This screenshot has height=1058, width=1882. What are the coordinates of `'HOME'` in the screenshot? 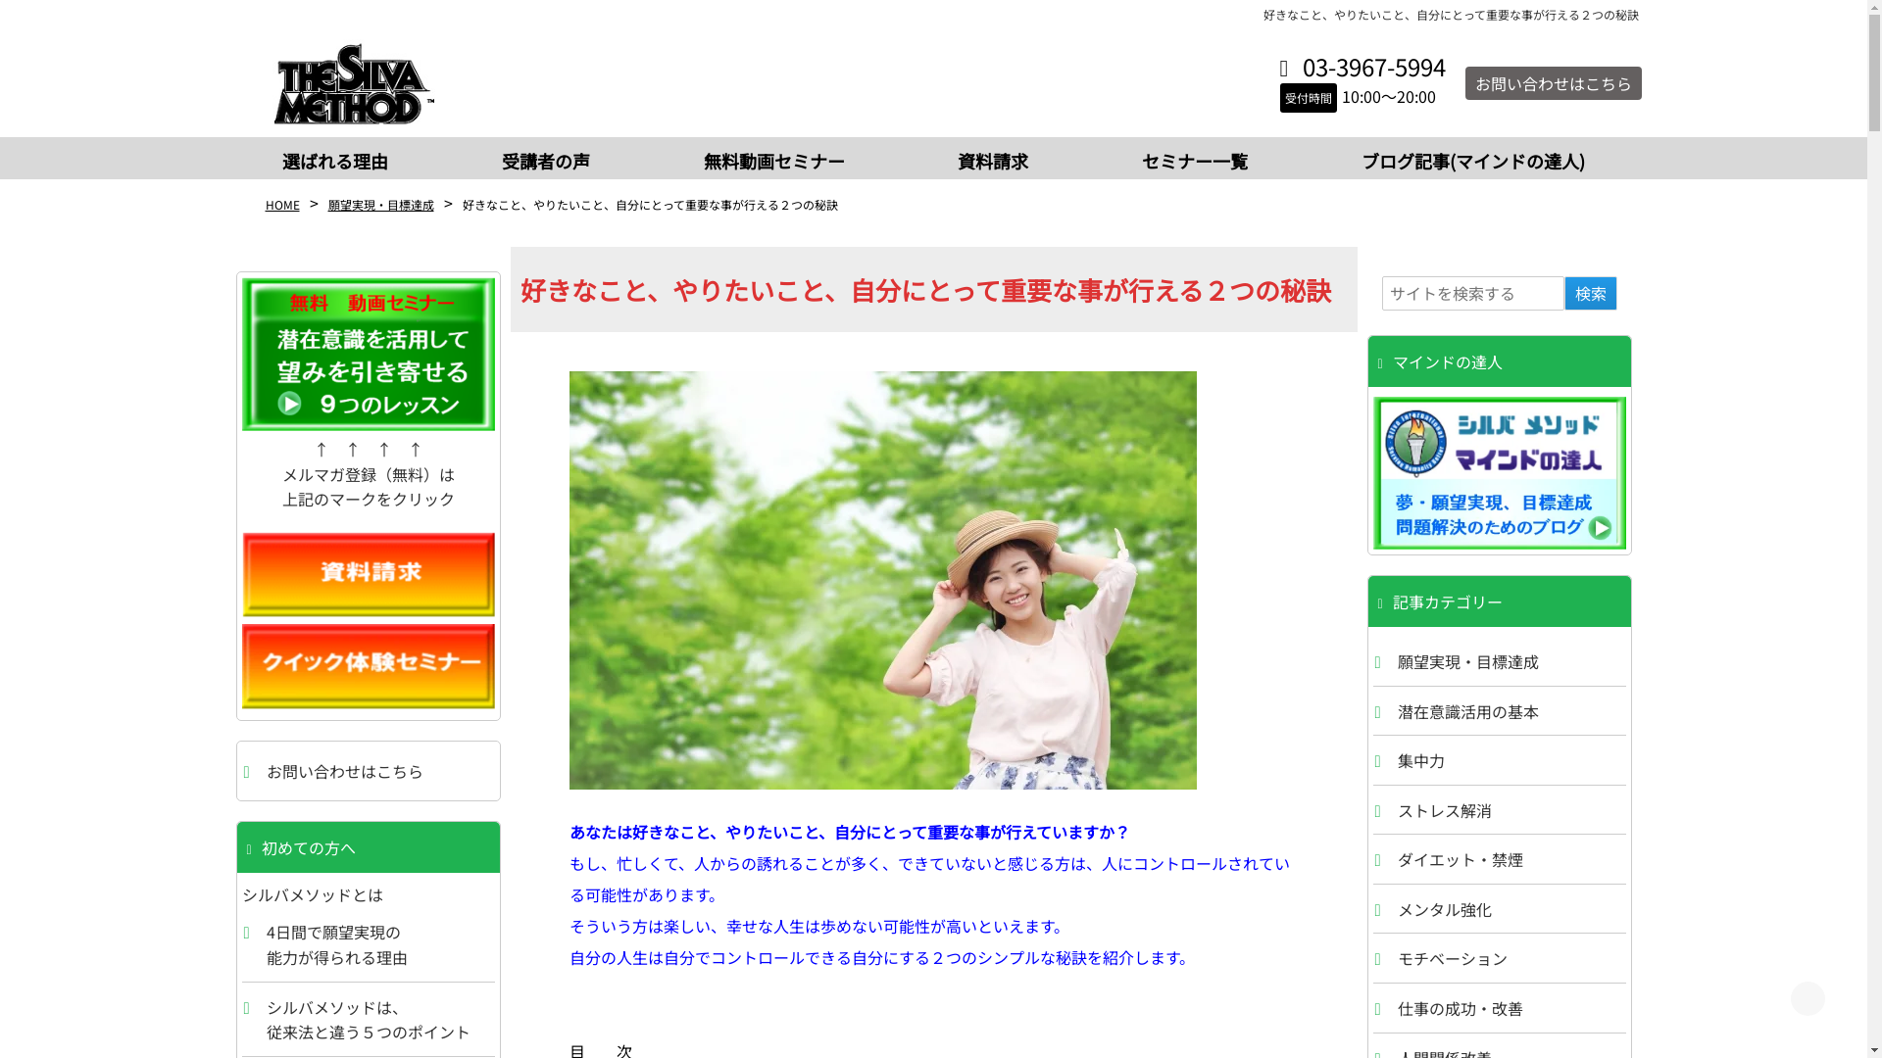 It's located at (280, 204).